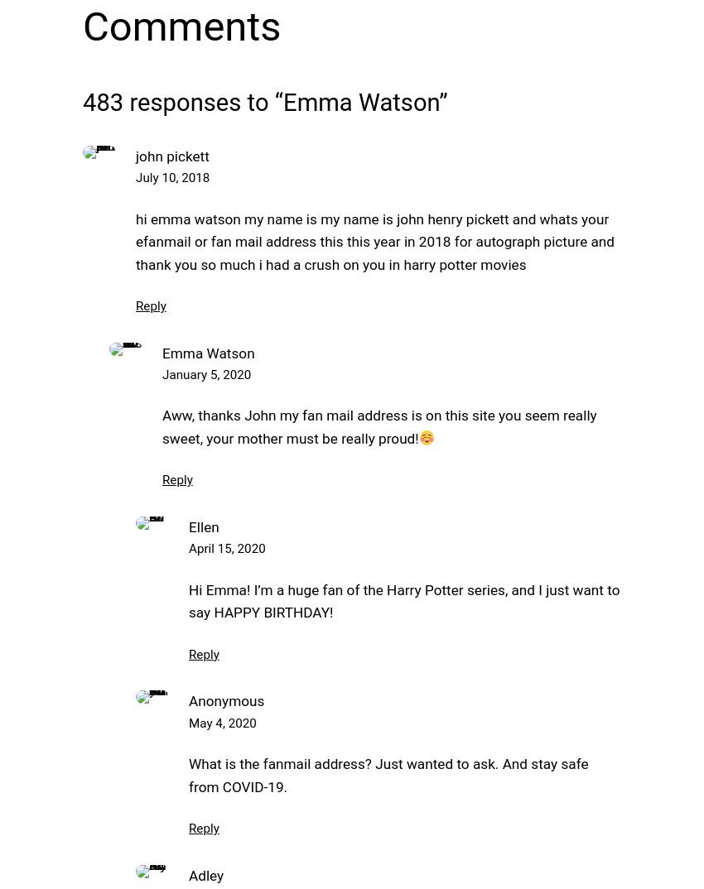 This screenshot has height=889, width=704. Describe the element at coordinates (206, 374) in the screenshot. I see `'January 5, 2020'` at that location.